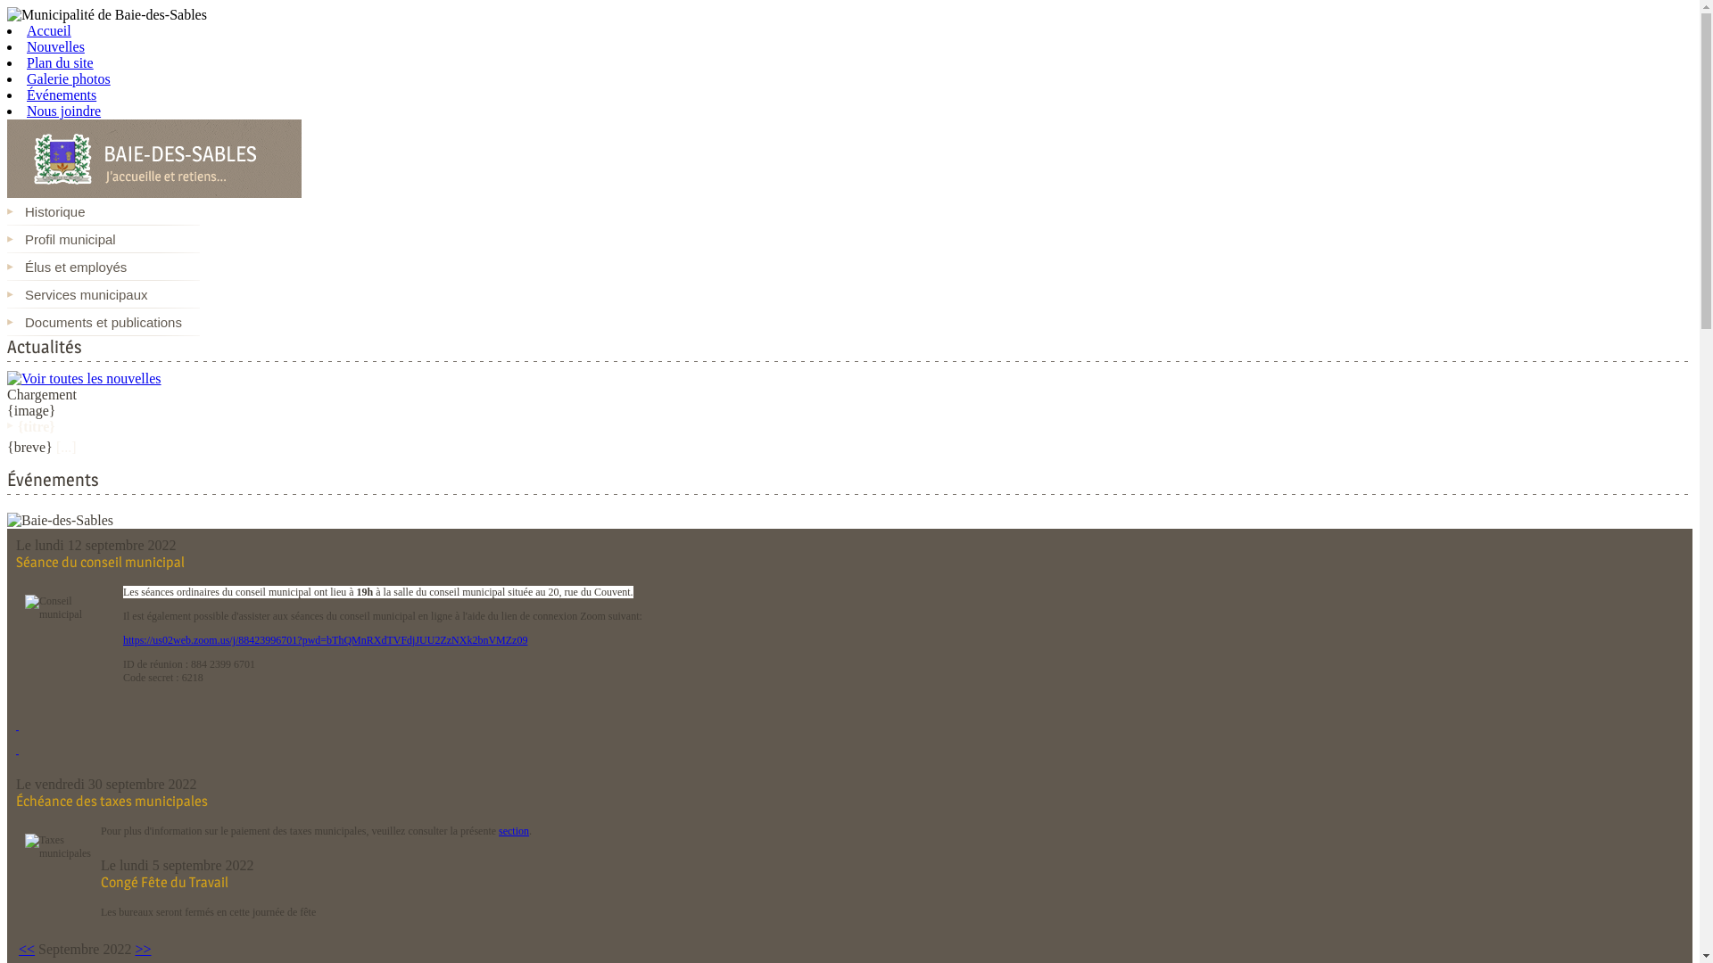 The height and width of the screenshot is (963, 1713). I want to click on ' ', so click(17, 749).